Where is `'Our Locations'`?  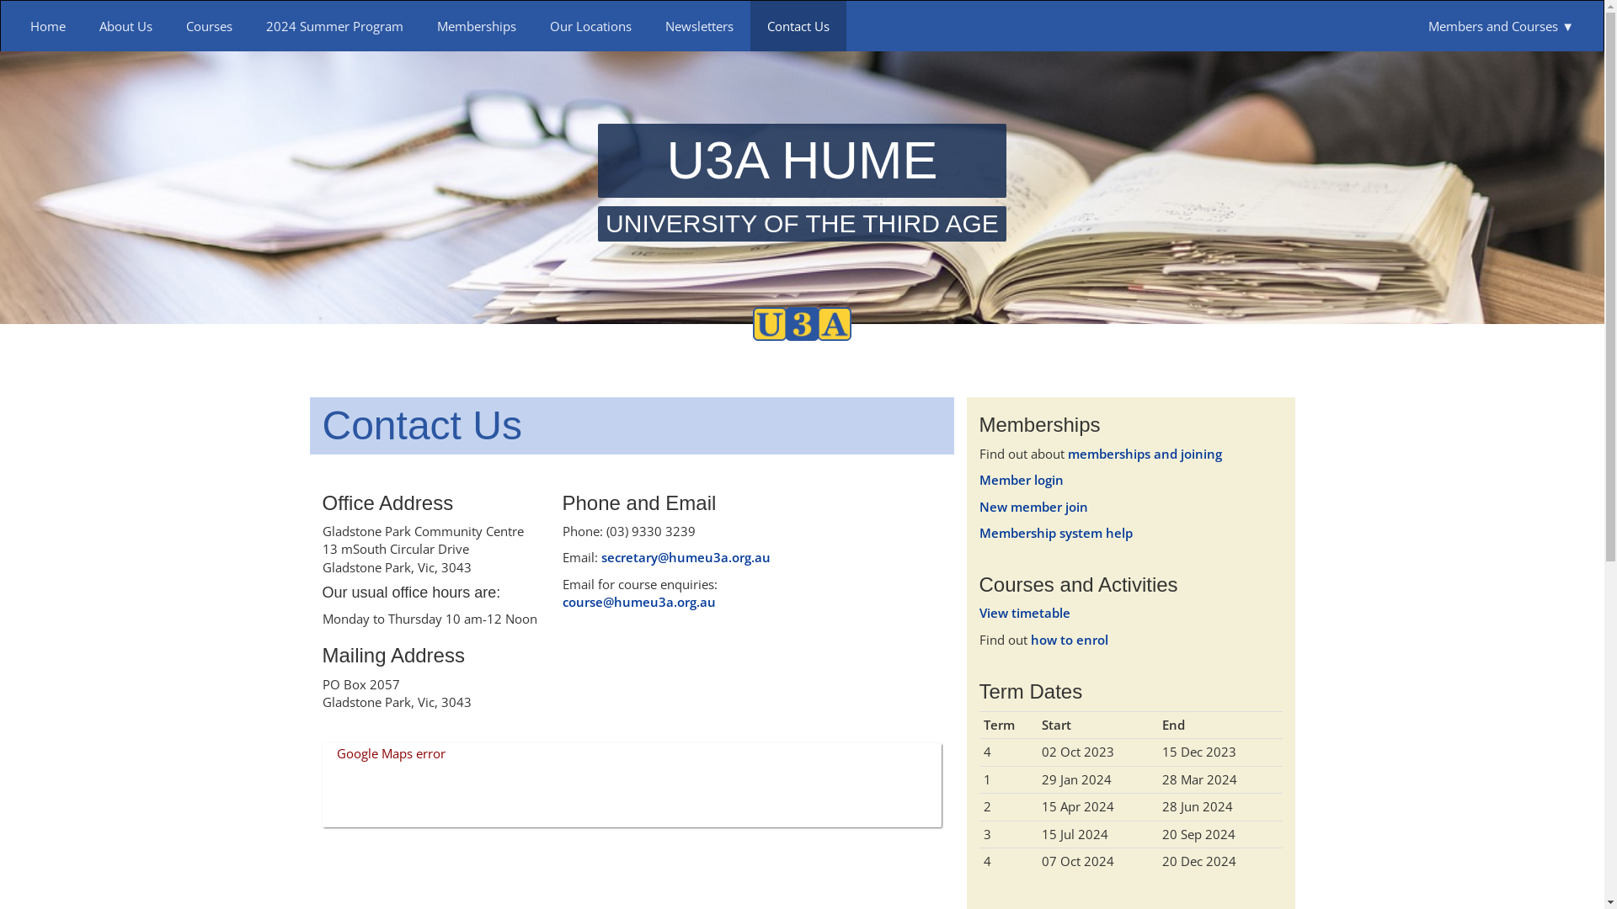 'Our Locations' is located at coordinates (590, 25).